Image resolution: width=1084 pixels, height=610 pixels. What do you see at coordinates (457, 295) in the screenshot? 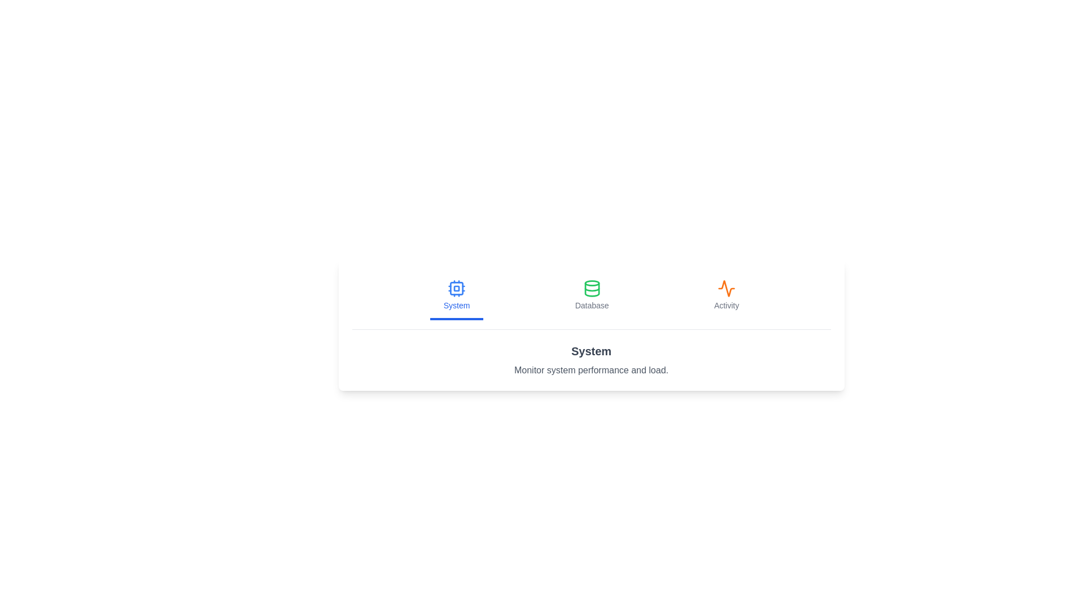
I see `the tab labeled System to observe its icon` at bounding box center [457, 295].